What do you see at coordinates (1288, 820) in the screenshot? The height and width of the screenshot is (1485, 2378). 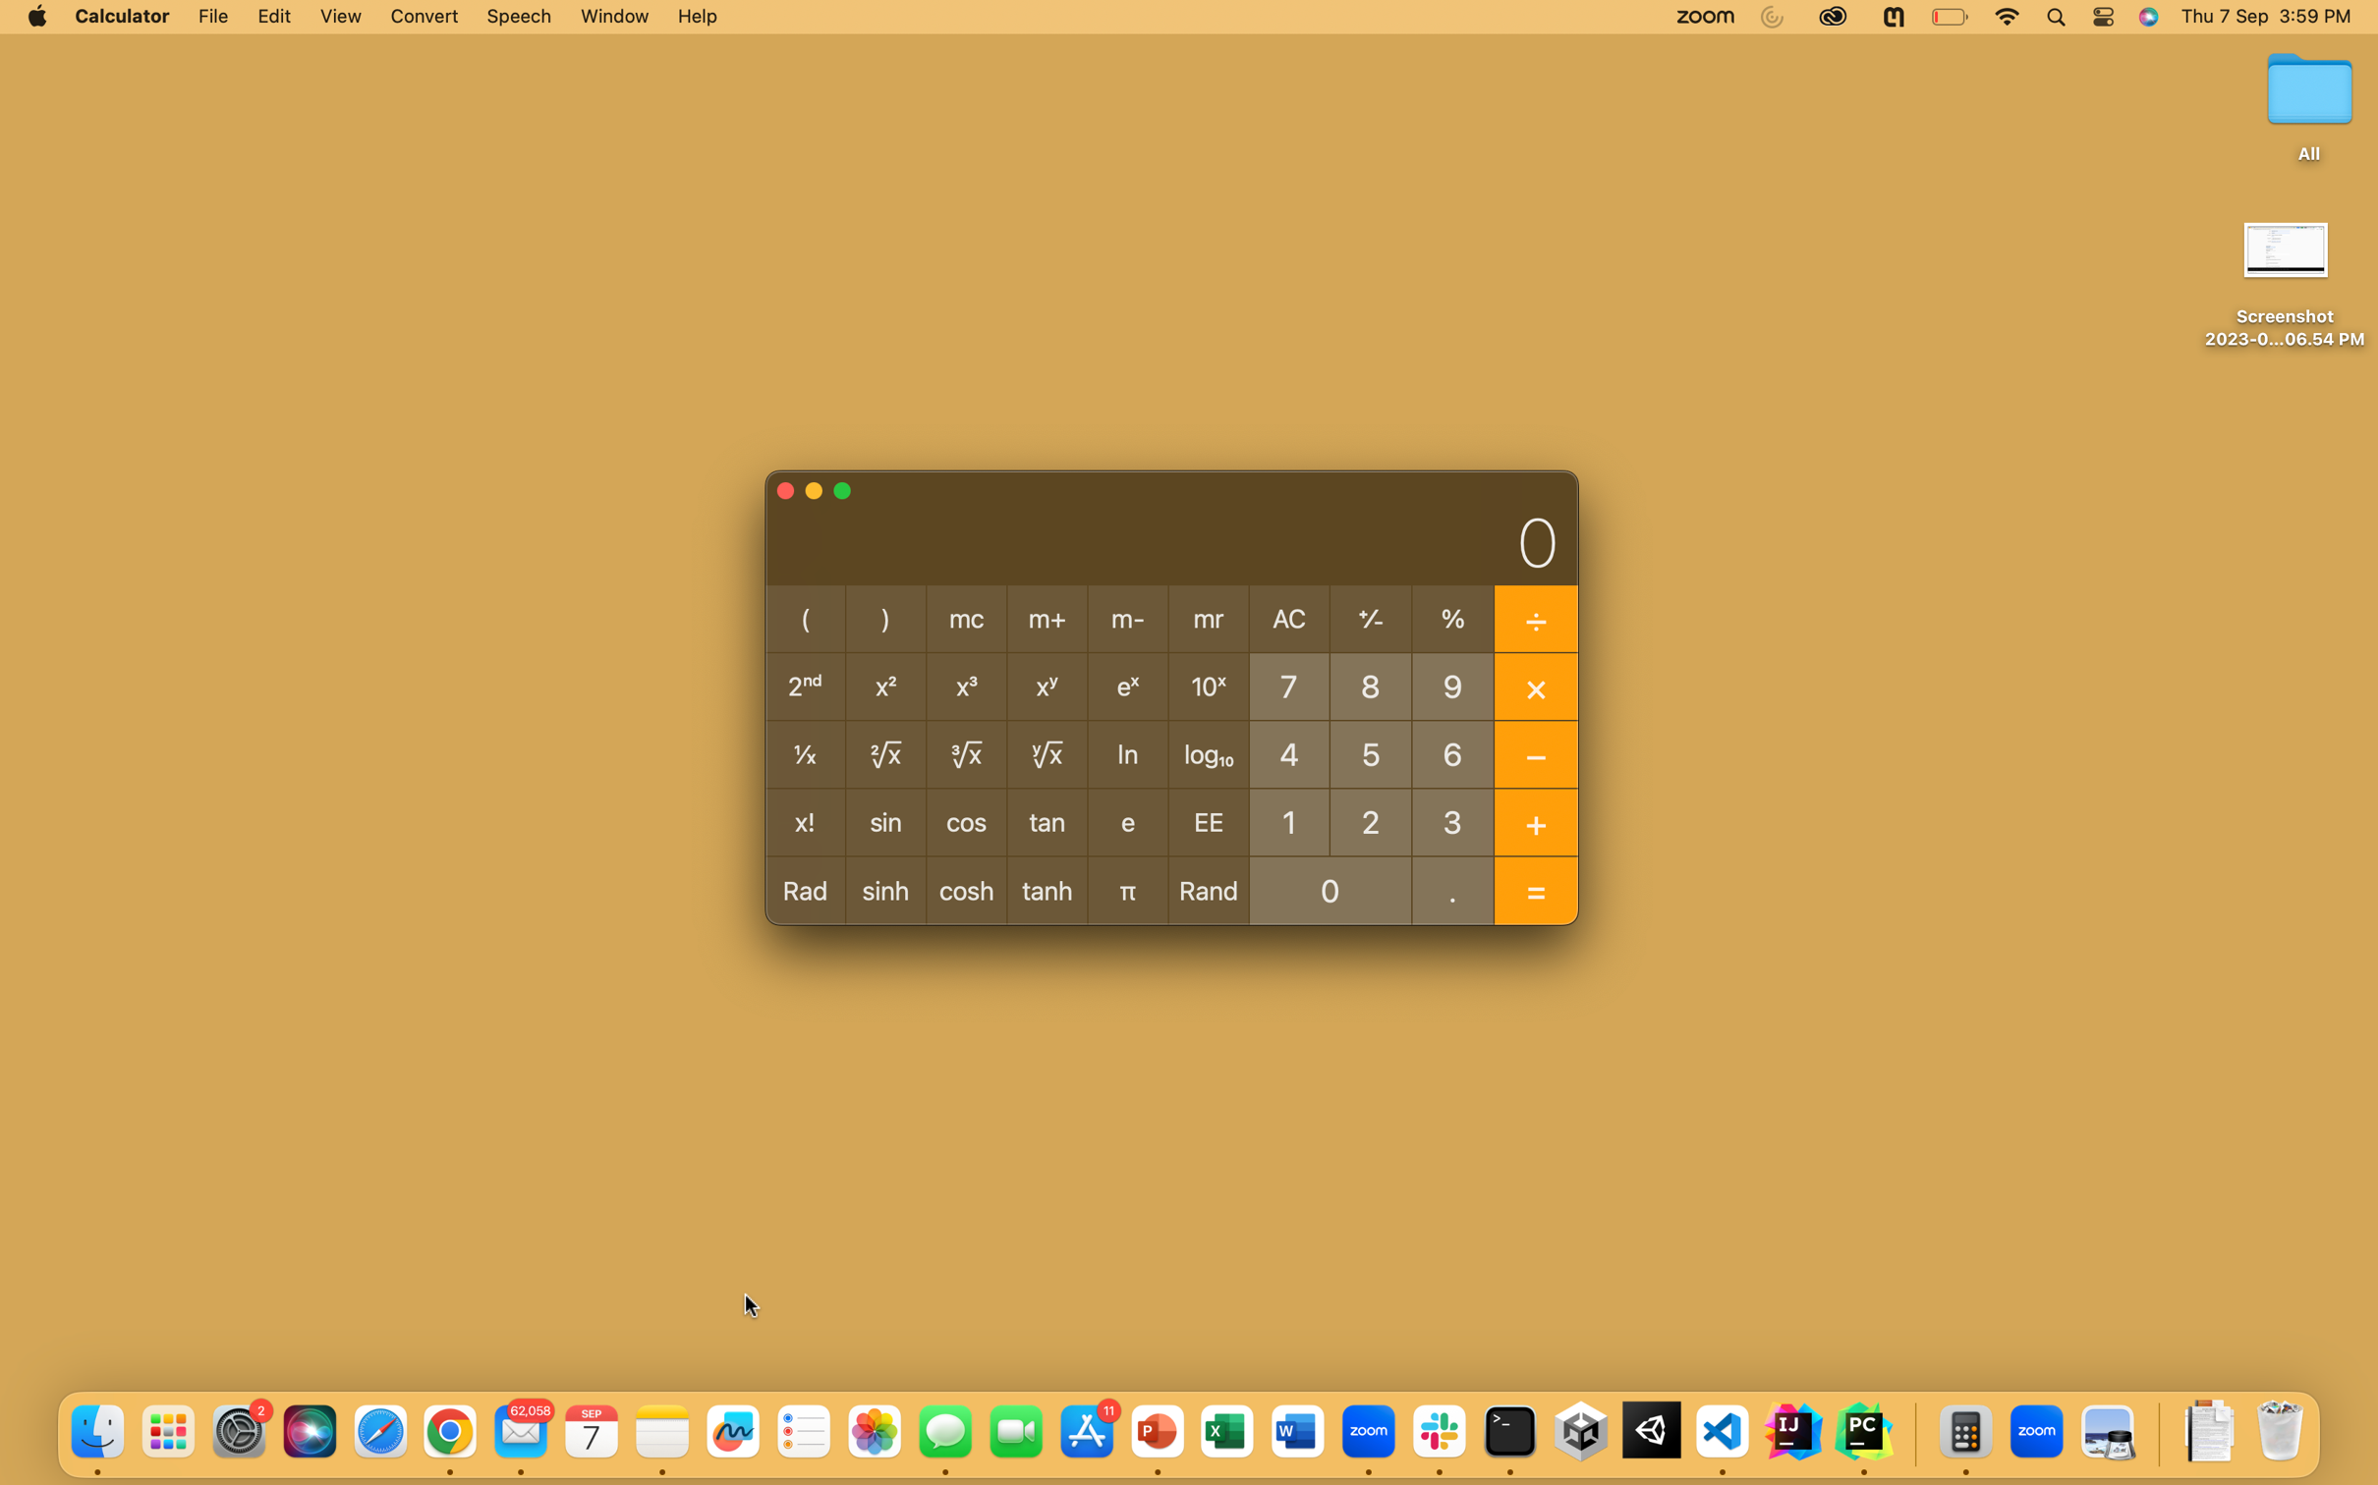 I see `Deduct 5 from the number 10` at bounding box center [1288, 820].